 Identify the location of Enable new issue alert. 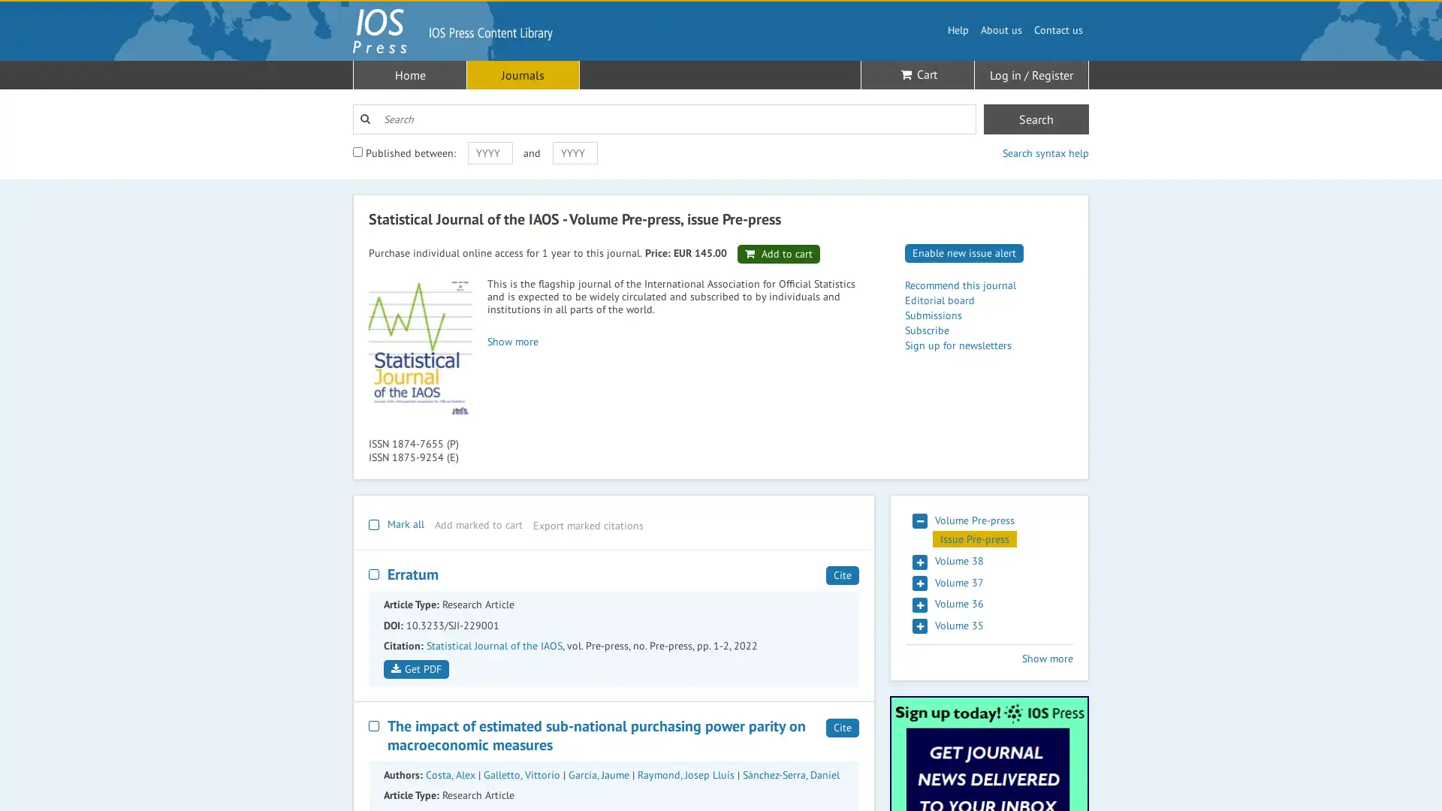
(963, 252).